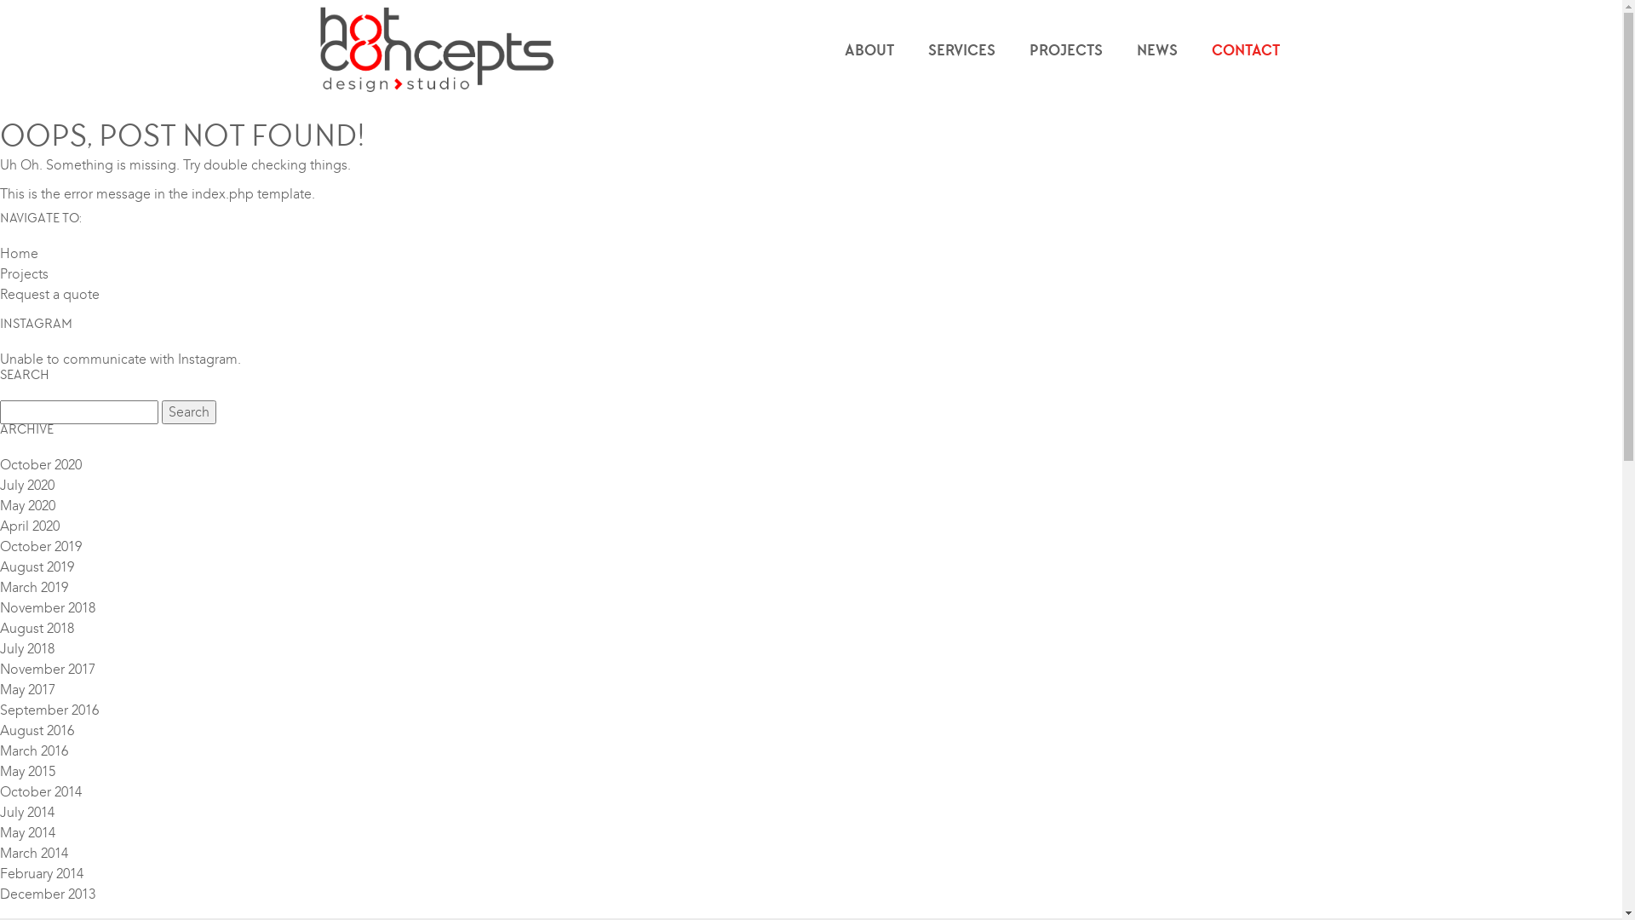 Image resolution: width=1635 pixels, height=920 pixels. Describe the element at coordinates (33, 587) in the screenshot. I see `'March 2019'` at that location.